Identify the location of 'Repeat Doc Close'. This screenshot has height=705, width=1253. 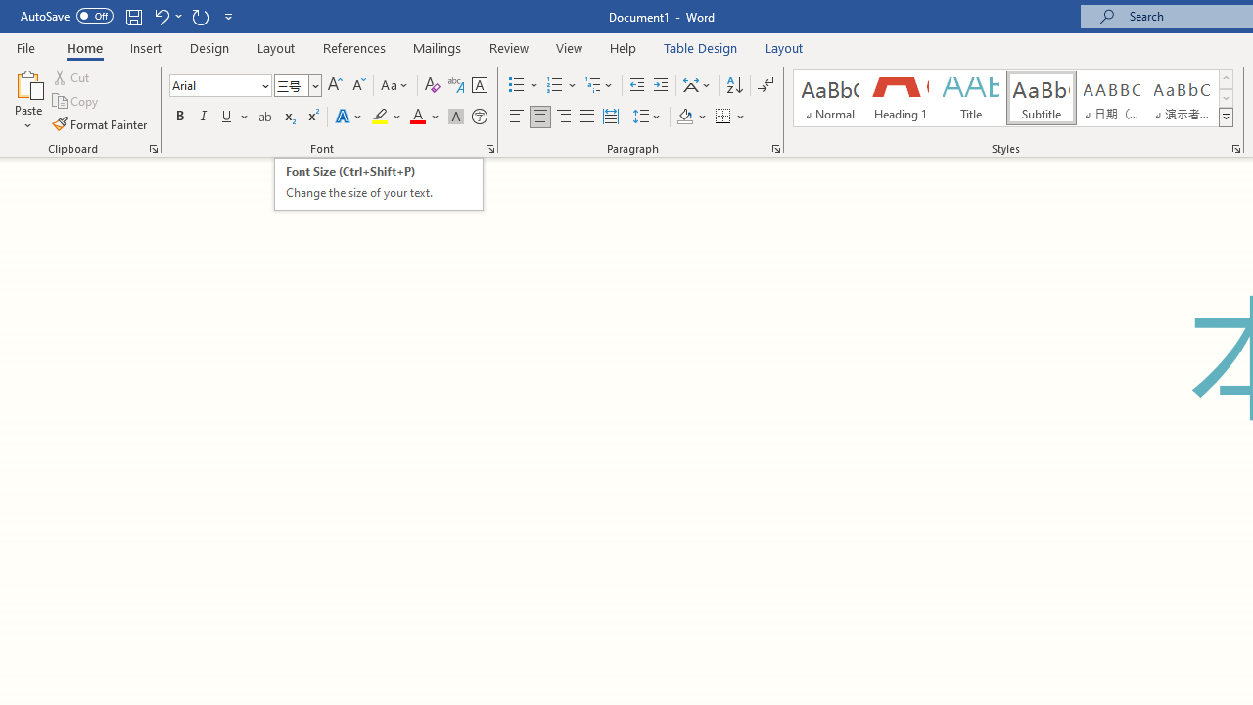
(200, 16).